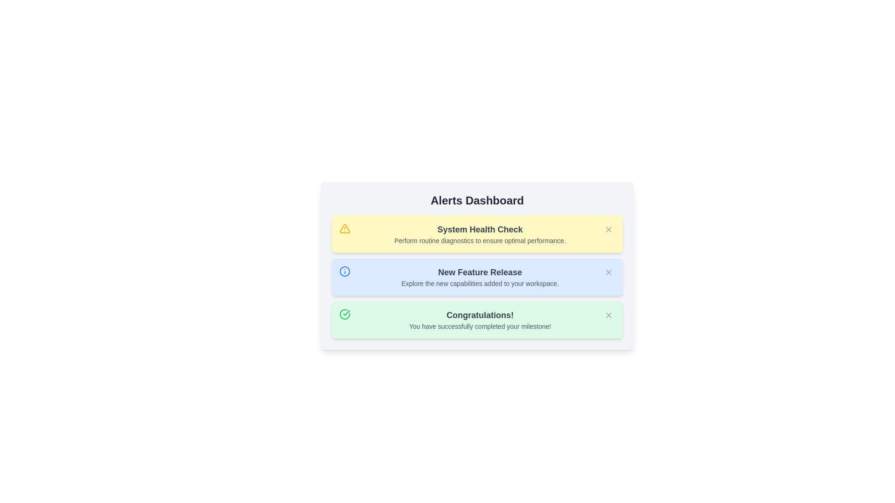 This screenshot has height=503, width=895. What do you see at coordinates (608, 315) in the screenshot?
I see `the dismiss button for the alert titled 'Congratulations!'` at bounding box center [608, 315].